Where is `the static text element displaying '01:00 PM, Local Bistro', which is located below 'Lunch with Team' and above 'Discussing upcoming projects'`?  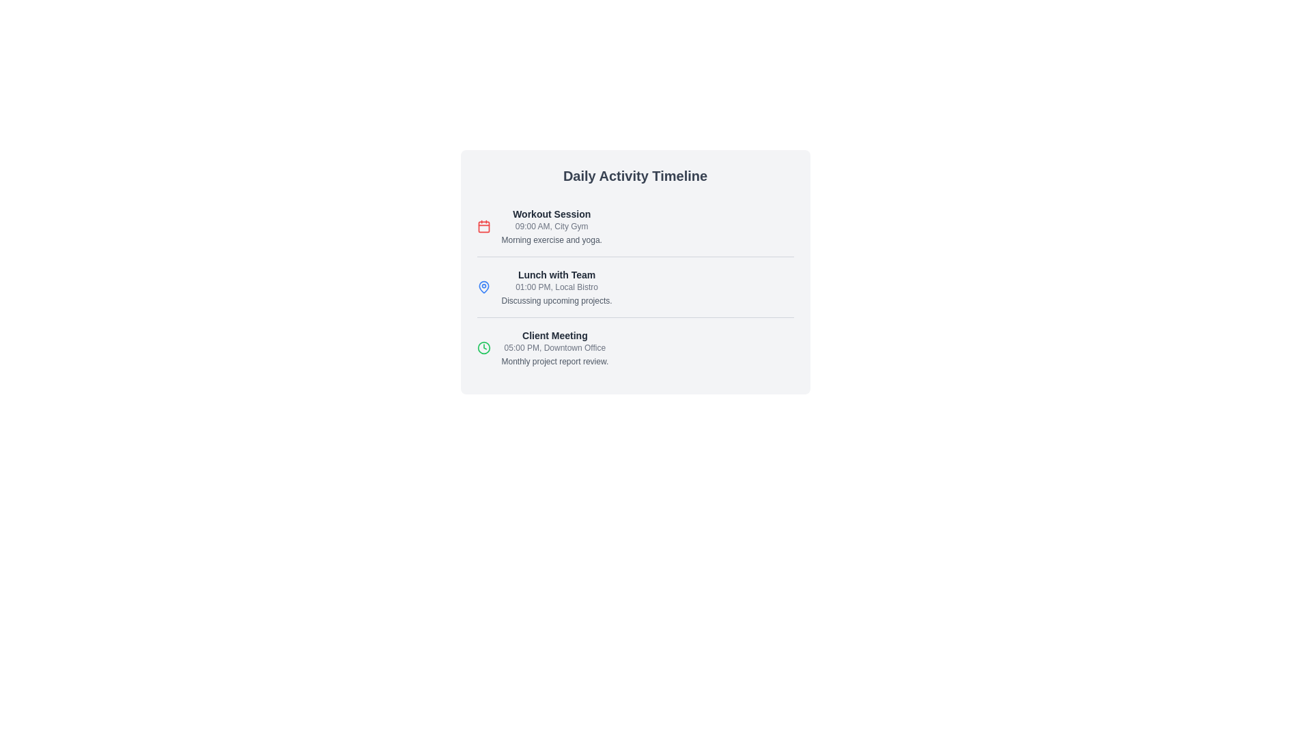 the static text element displaying '01:00 PM, Local Bistro', which is located below 'Lunch with Team' and above 'Discussing upcoming projects' is located at coordinates (556, 286).